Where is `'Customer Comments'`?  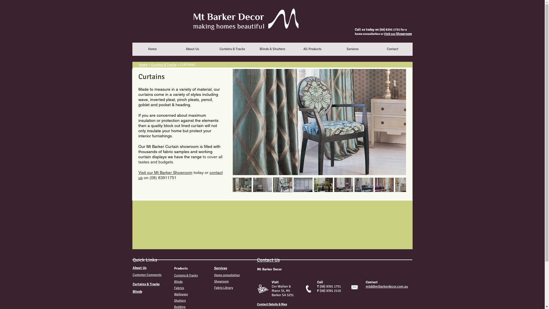 'Customer Comments' is located at coordinates (147, 274).